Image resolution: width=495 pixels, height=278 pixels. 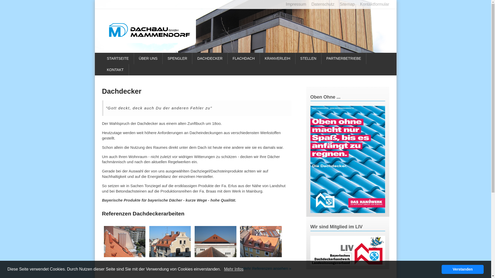 What do you see at coordinates (308, 58) in the screenshot?
I see `'STELLEN'` at bounding box center [308, 58].